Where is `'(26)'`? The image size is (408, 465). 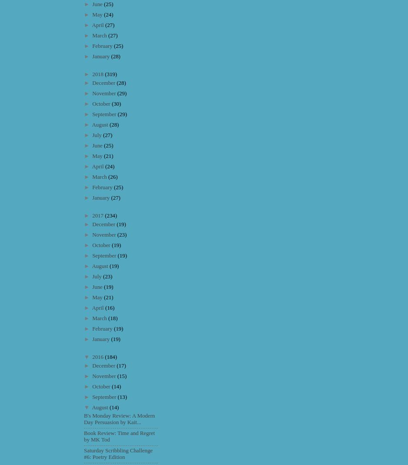 '(26)' is located at coordinates (112, 177).